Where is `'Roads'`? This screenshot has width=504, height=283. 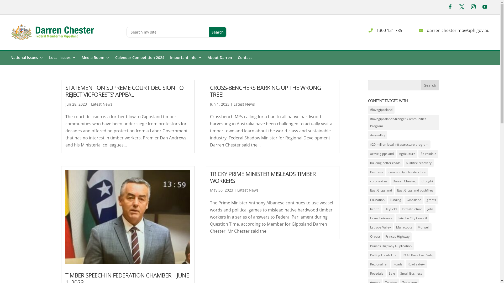
'Roads' is located at coordinates (398, 264).